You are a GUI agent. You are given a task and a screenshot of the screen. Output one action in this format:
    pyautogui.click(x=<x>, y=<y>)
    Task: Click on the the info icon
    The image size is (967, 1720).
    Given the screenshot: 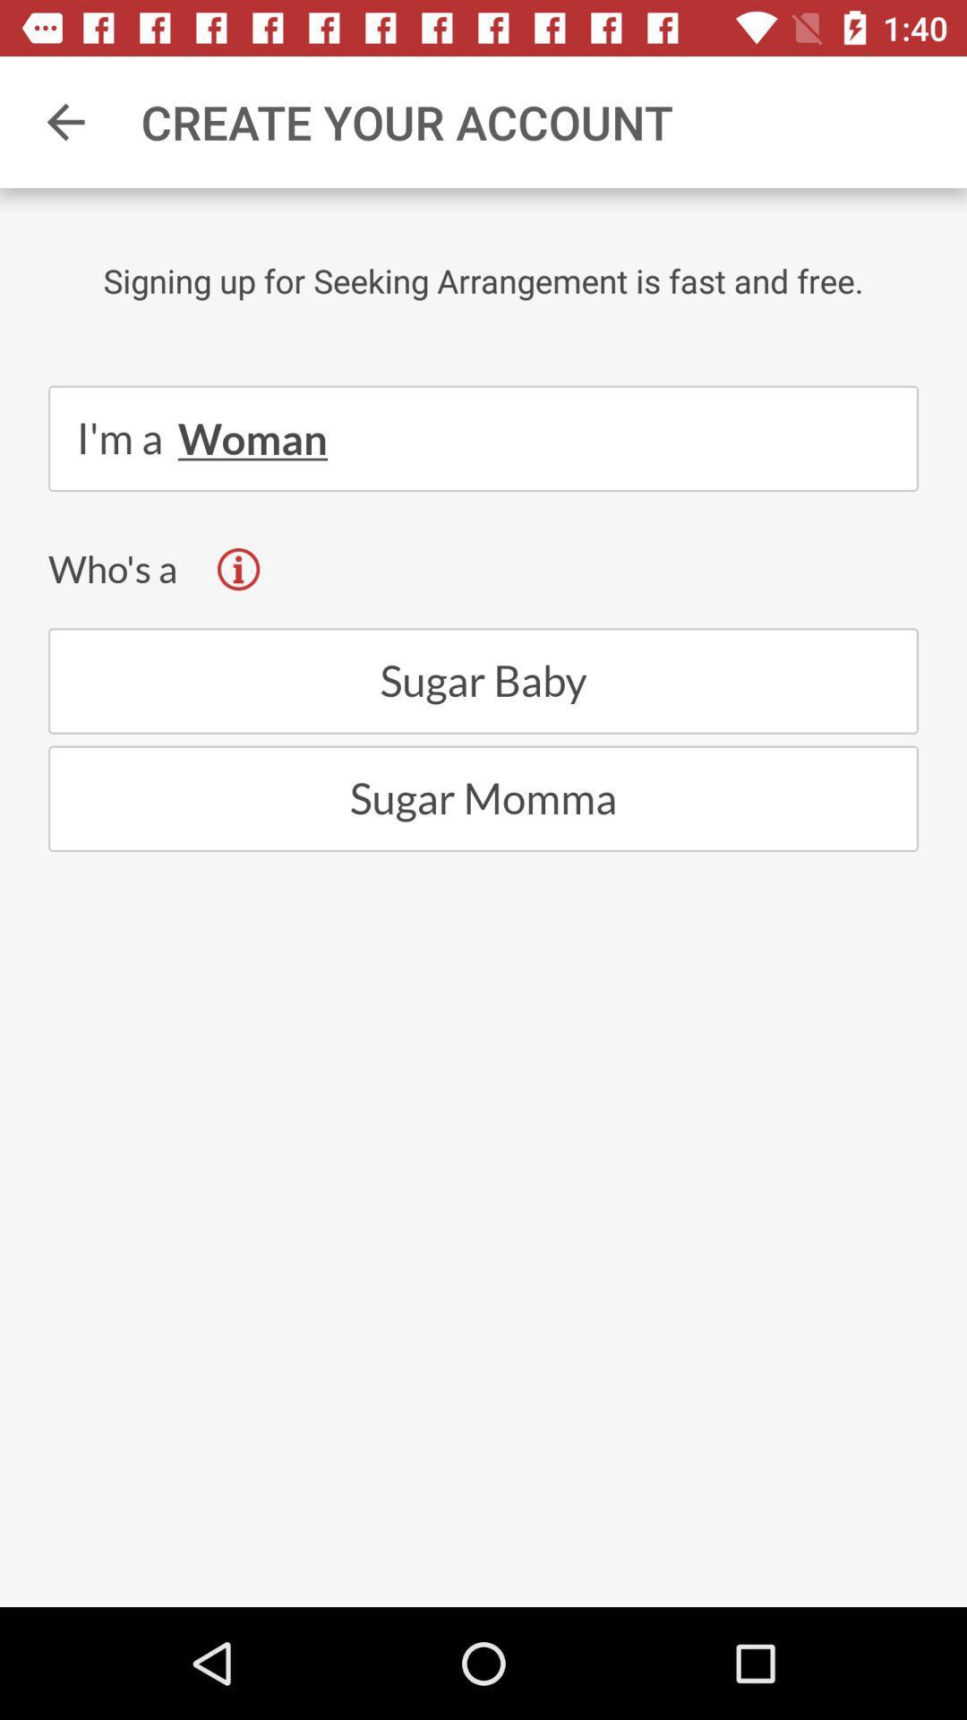 What is the action you would take?
    pyautogui.click(x=237, y=568)
    